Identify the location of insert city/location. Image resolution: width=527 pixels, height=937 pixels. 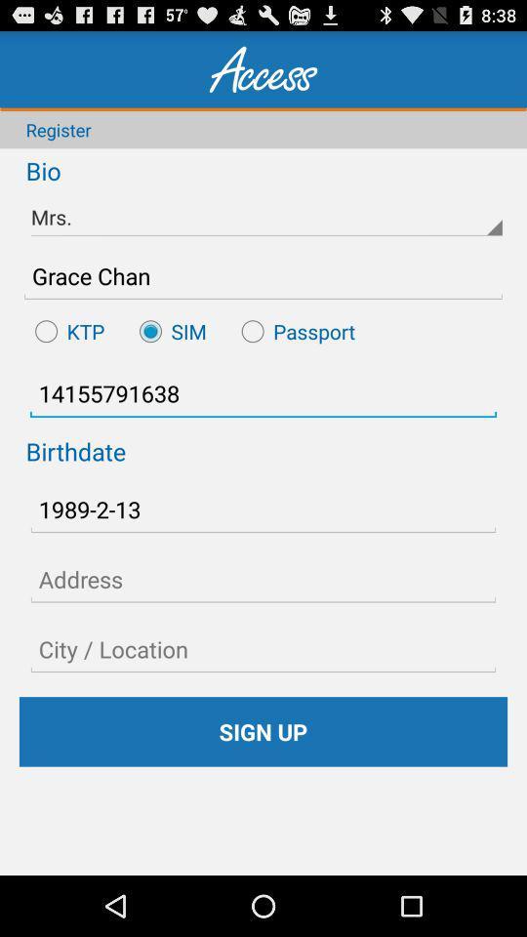
(263, 649).